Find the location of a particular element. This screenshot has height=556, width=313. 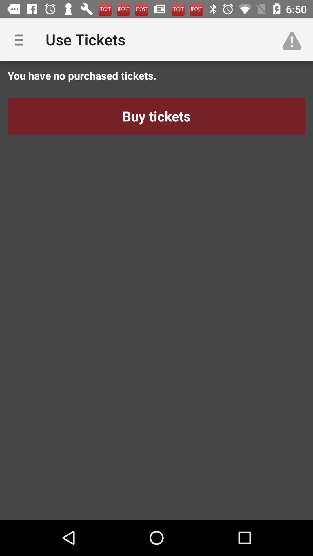

the buy tickets item is located at coordinates (156, 116).